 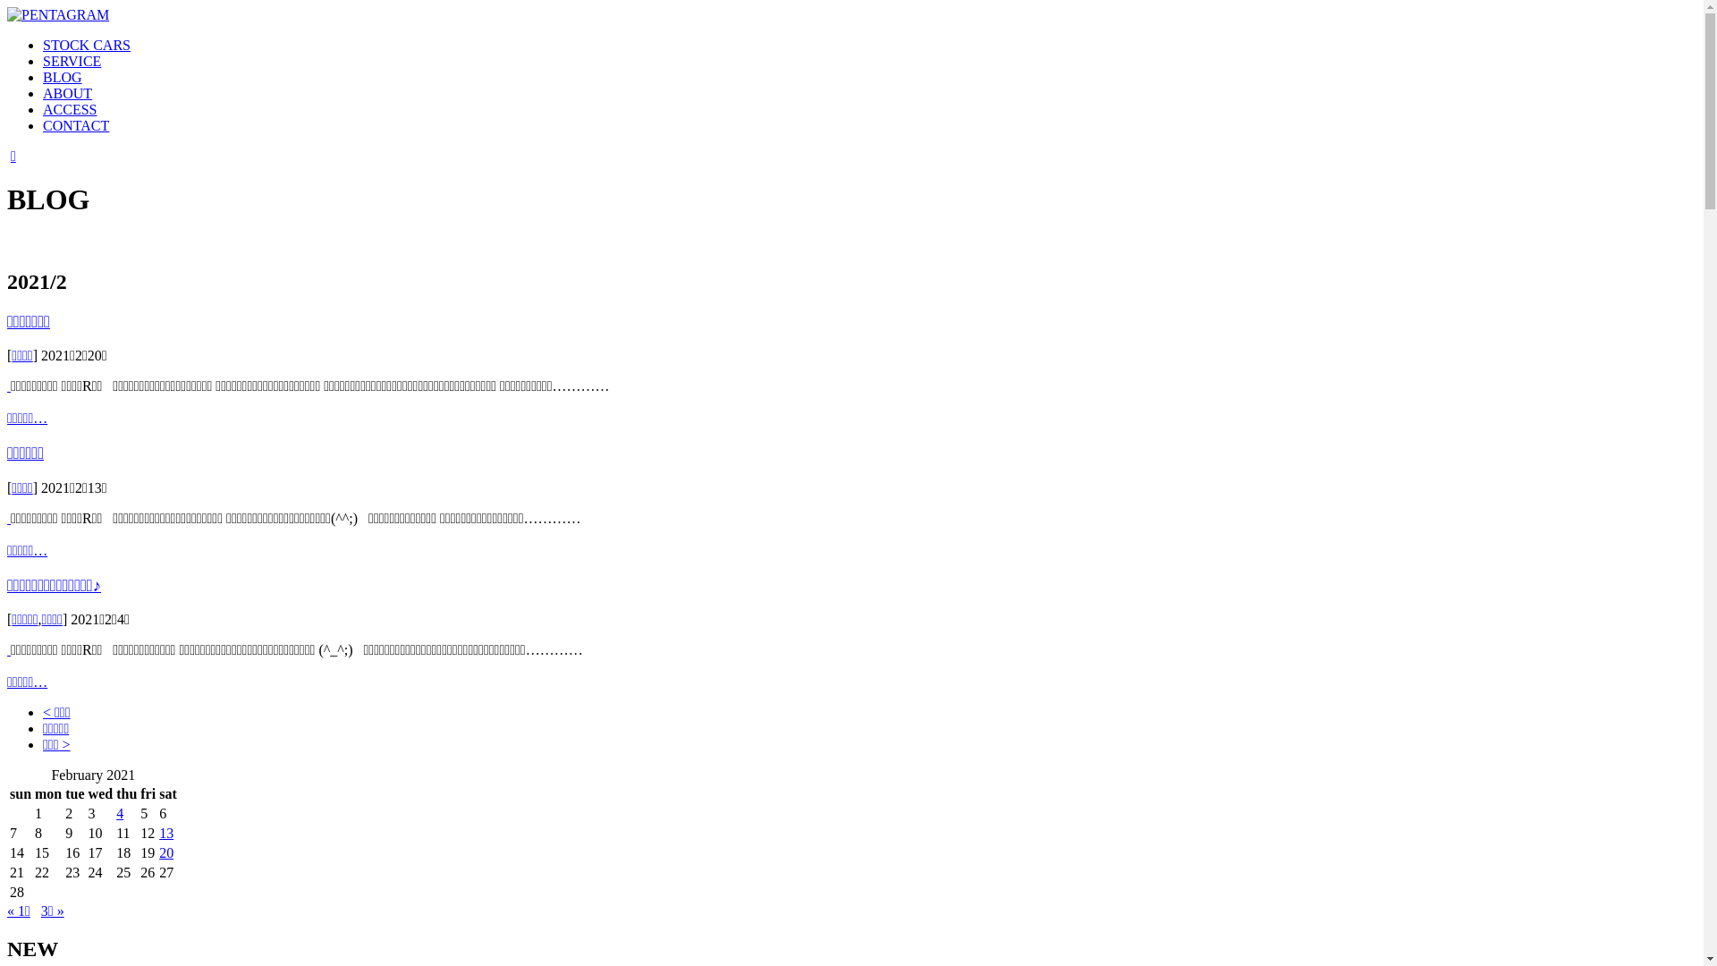 I want to click on 'ACCESS', so click(x=69, y=109).